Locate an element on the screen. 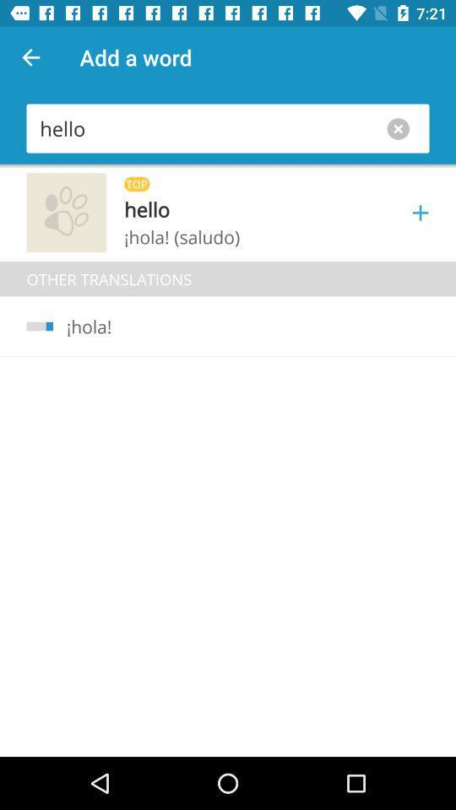  clear search bar is located at coordinates (401, 127).